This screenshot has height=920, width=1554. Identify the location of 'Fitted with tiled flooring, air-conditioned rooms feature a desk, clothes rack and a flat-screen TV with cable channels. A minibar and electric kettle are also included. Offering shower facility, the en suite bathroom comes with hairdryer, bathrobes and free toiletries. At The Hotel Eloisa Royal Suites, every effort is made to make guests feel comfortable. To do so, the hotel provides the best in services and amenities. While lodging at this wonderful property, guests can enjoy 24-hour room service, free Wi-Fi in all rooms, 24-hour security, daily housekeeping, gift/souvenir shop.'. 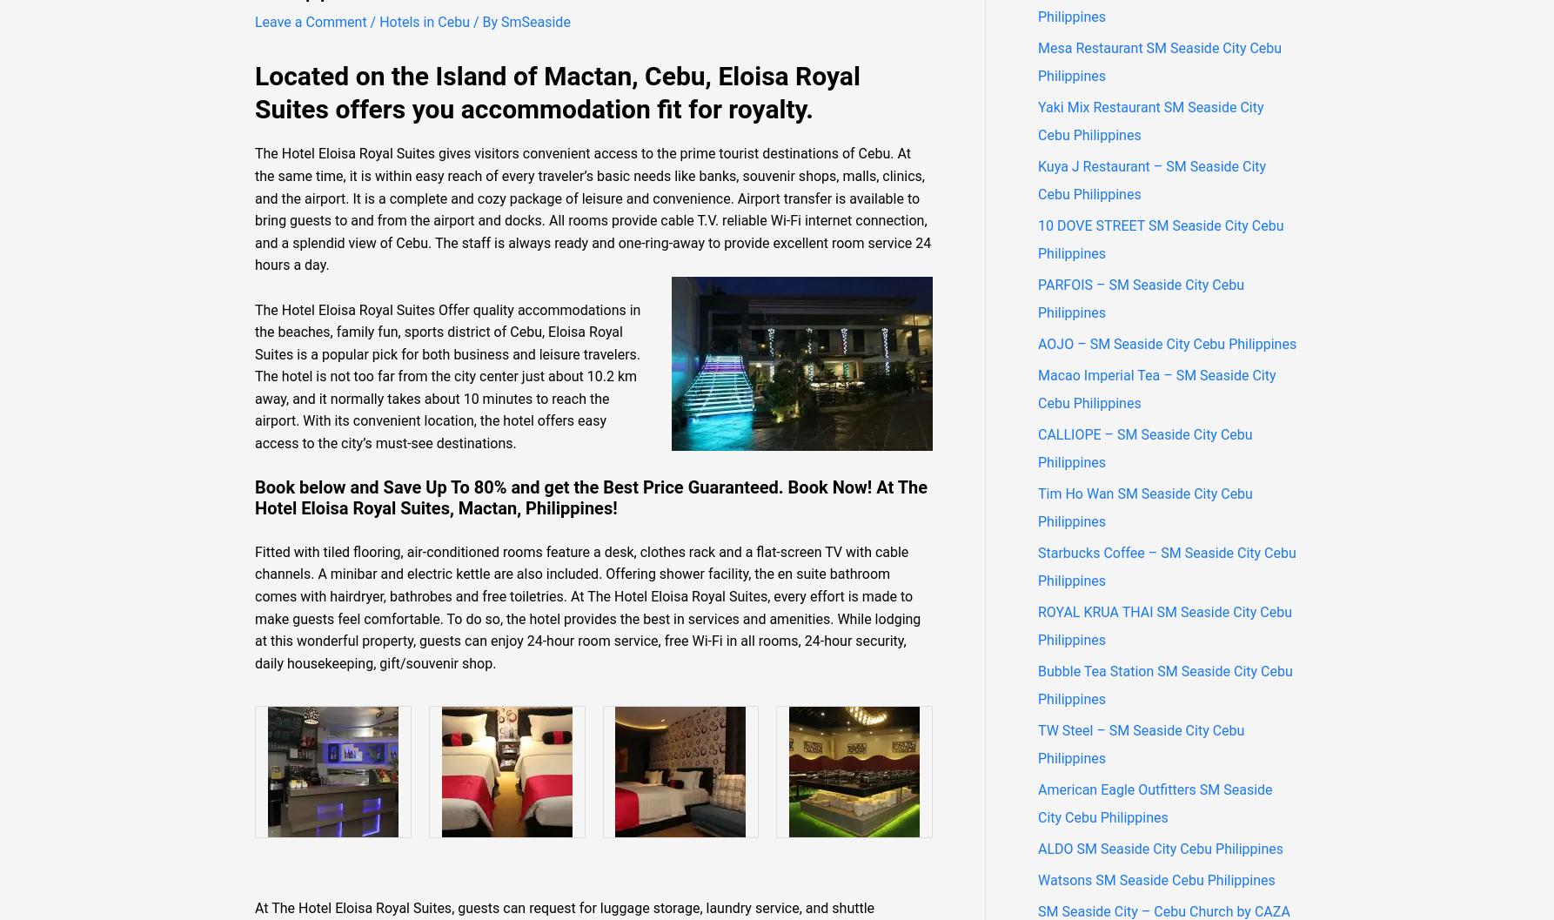
(587, 606).